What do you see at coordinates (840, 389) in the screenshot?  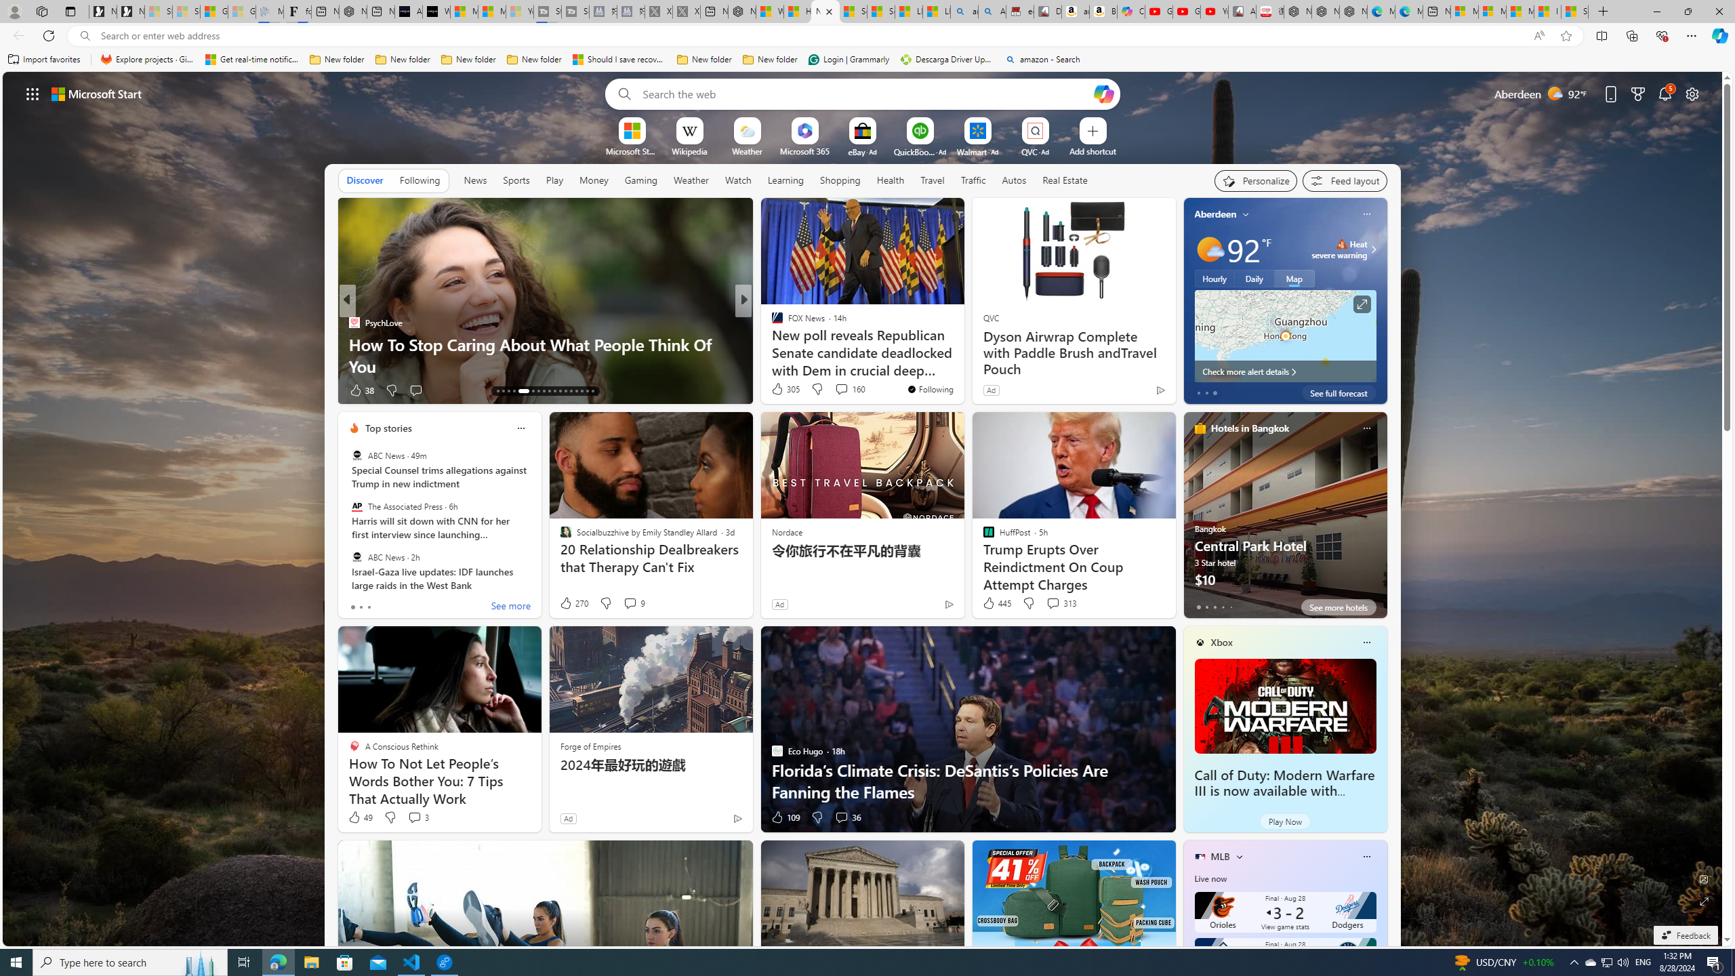 I see `'View comments 160 Comment'` at bounding box center [840, 389].